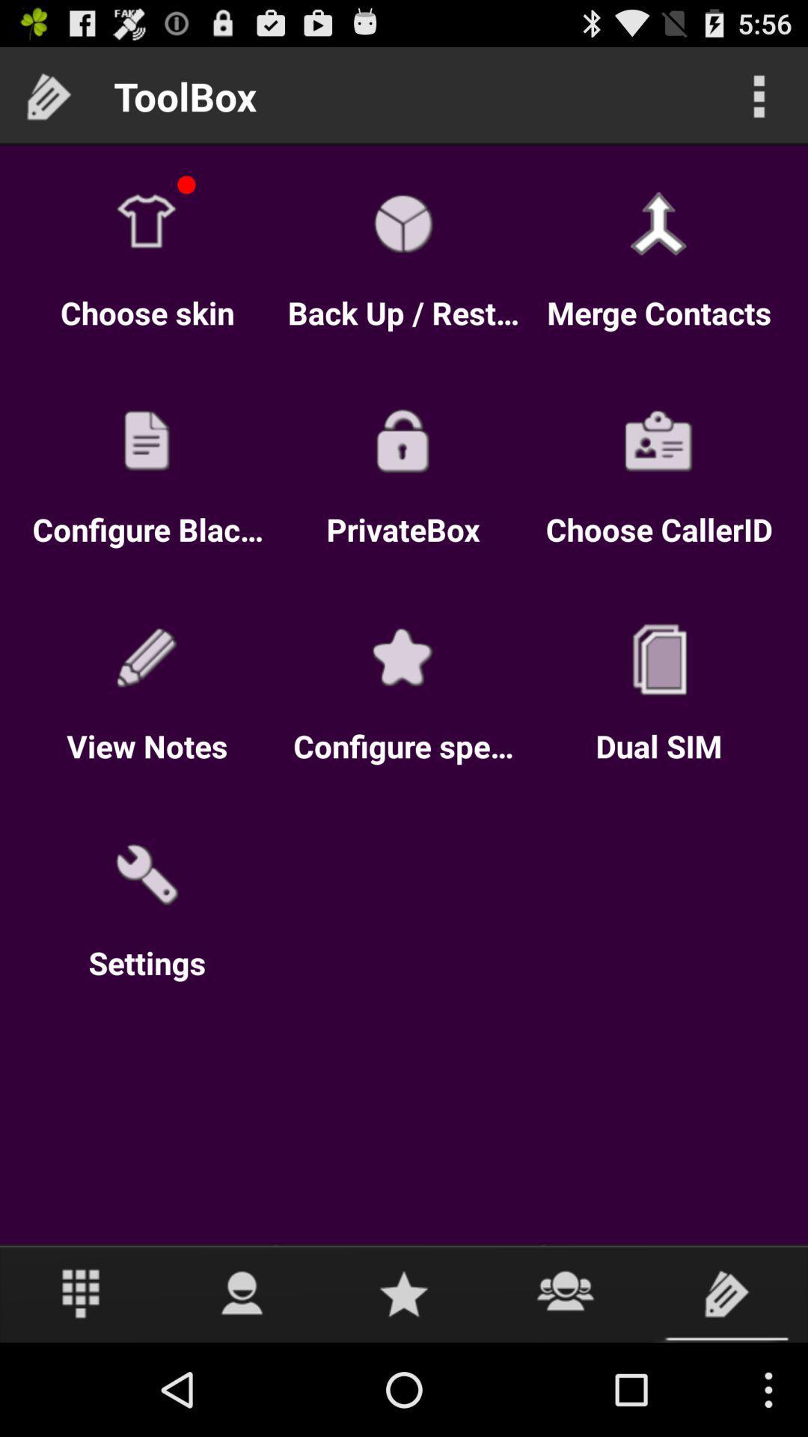 The height and width of the screenshot is (1437, 808). Describe the element at coordinates (48, 102) in the screenshot. I see `the label icon` at that location.